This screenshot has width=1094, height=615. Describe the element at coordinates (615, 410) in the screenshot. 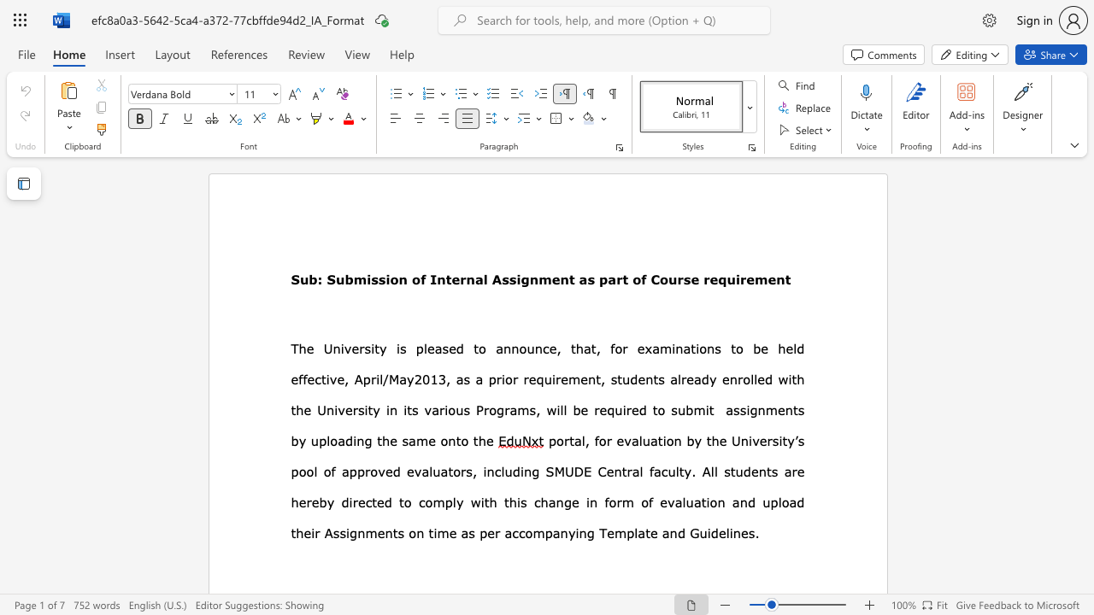

I see `the subset text "uired to" within the text "will be required to"` at that location.